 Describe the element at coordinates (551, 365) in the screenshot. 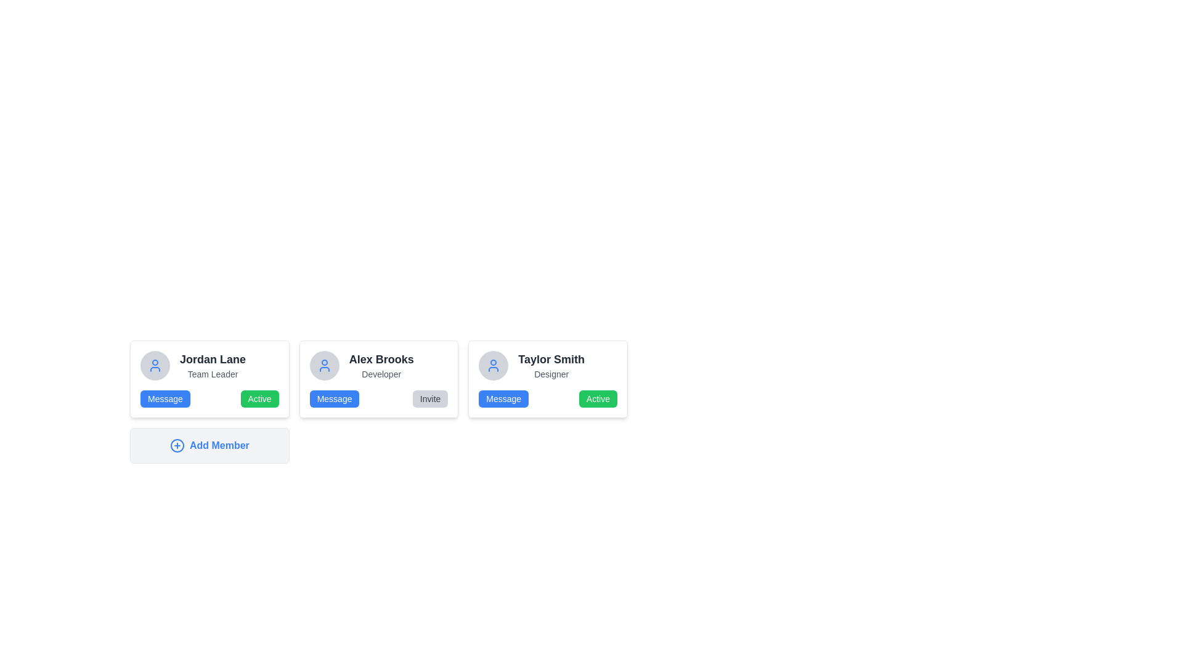

I see `the text 'Taylor Smith' and 'Designer' in the text block located on the rightmost card, which is below the circular avatar icon and above the buttons at the bottom` at that location.